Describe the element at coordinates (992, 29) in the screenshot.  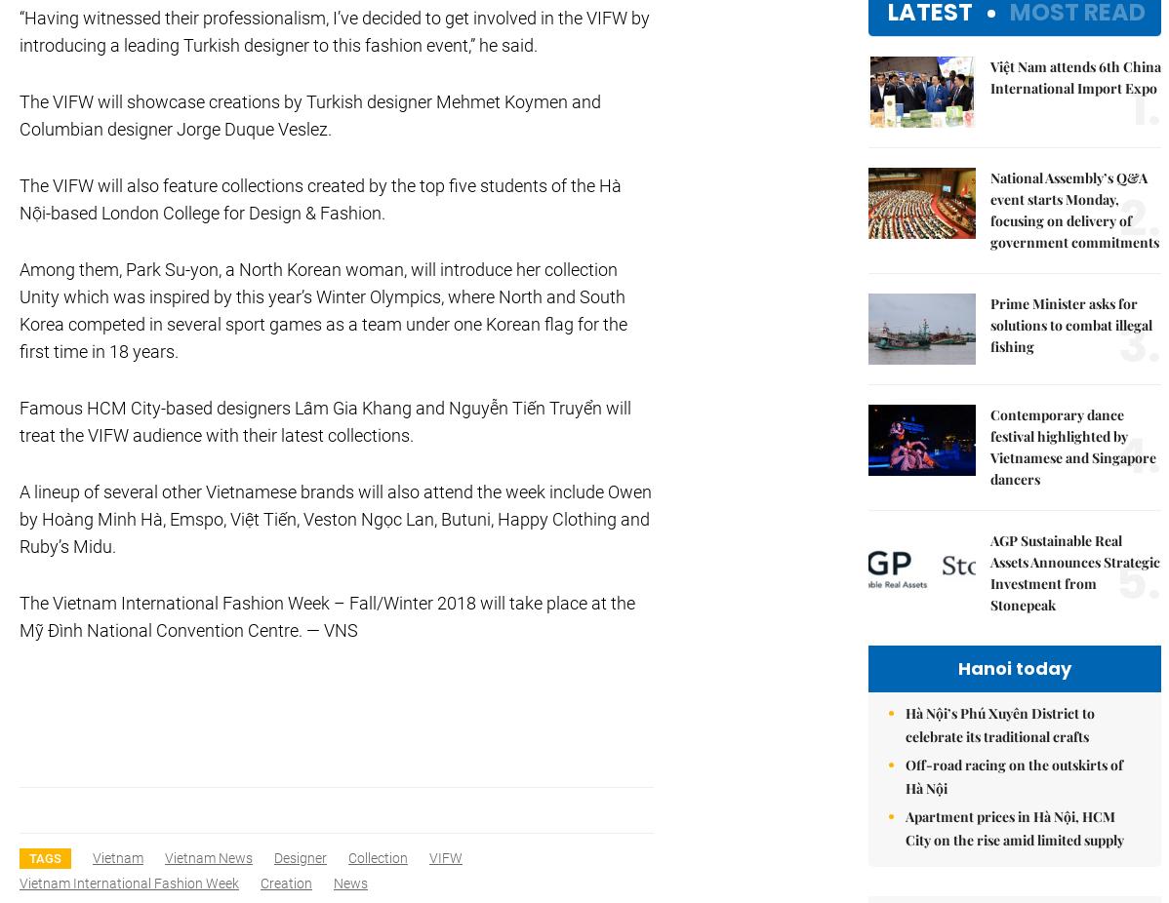
I see `'GliaStudio'` at that location.